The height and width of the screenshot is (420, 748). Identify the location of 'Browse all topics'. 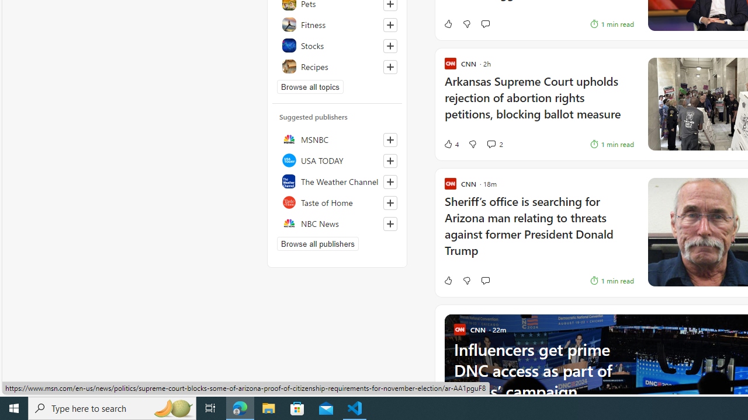
(310, 86).